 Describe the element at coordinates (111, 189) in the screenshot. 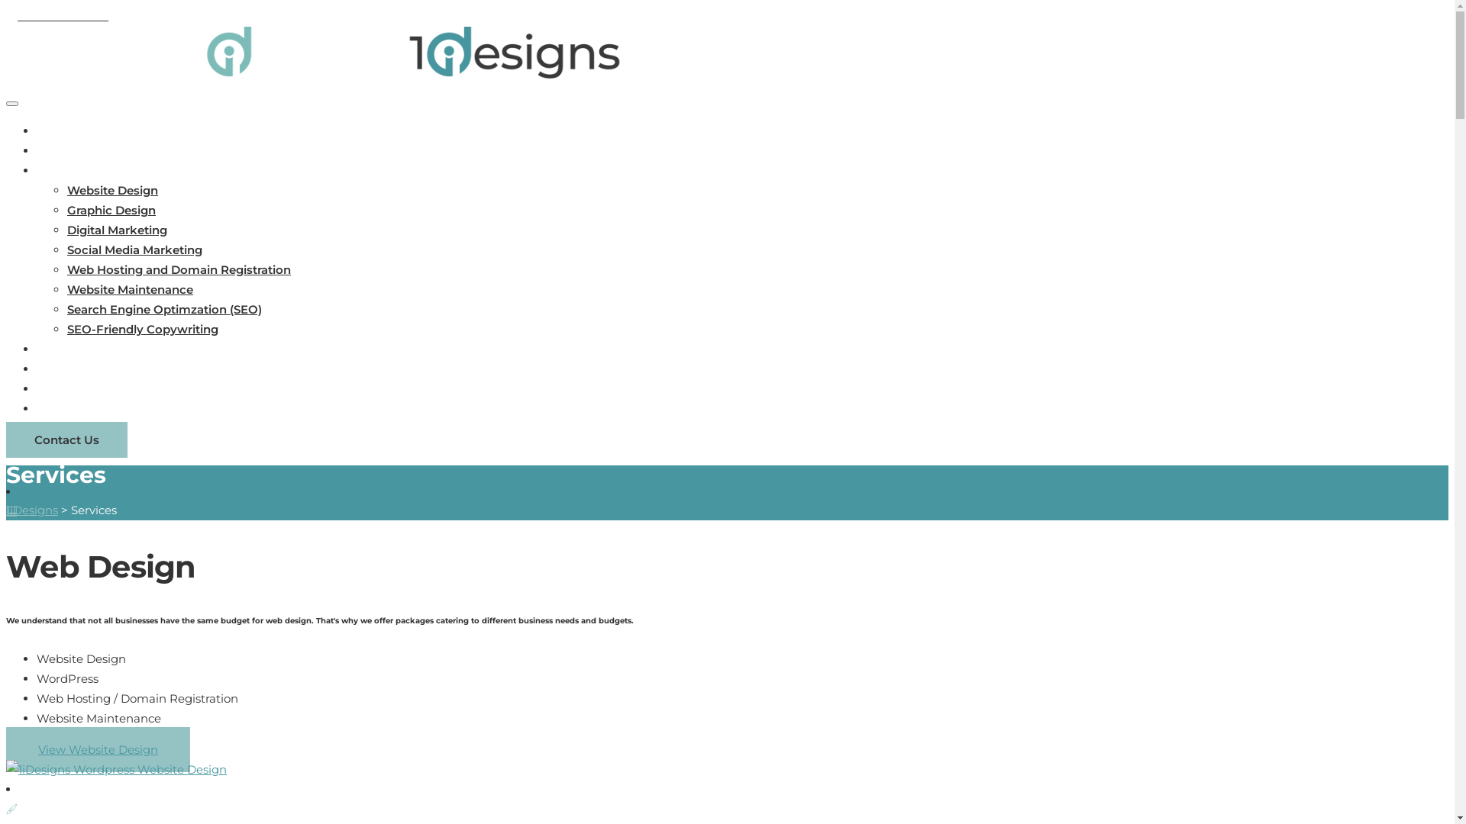

I see `'Website Design'` at that location.